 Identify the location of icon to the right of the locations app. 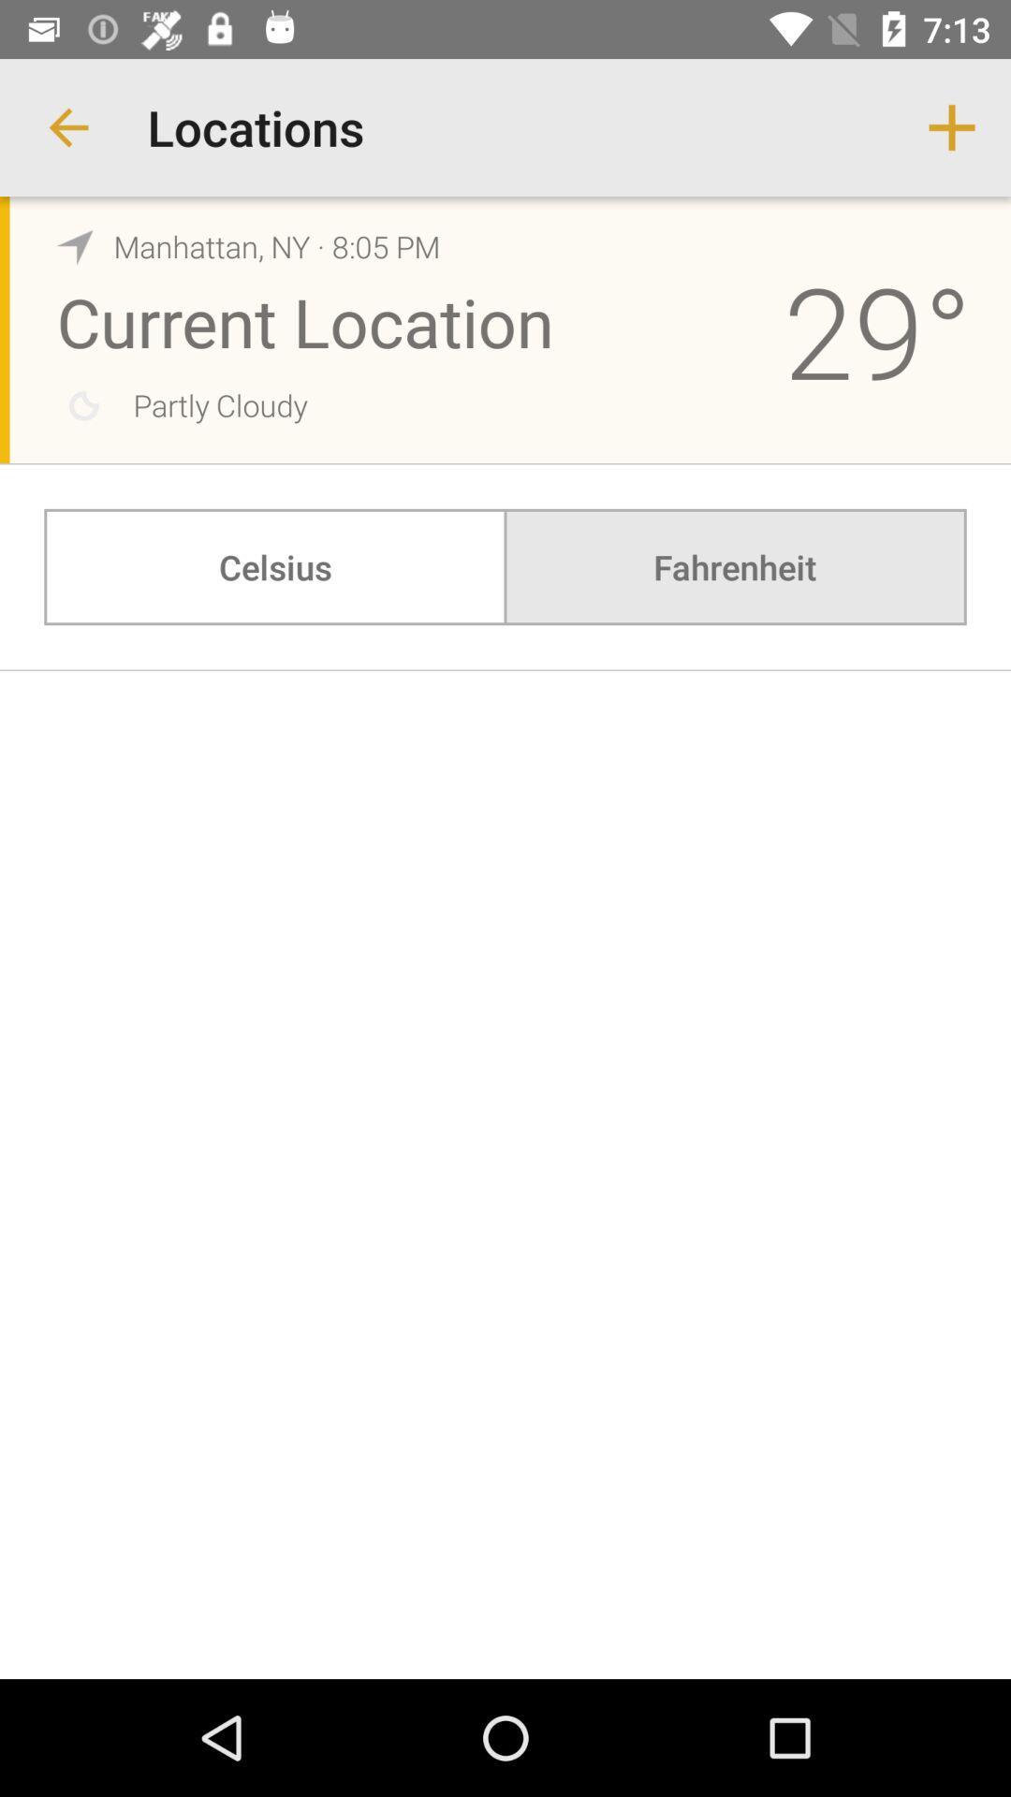
(952, 126).